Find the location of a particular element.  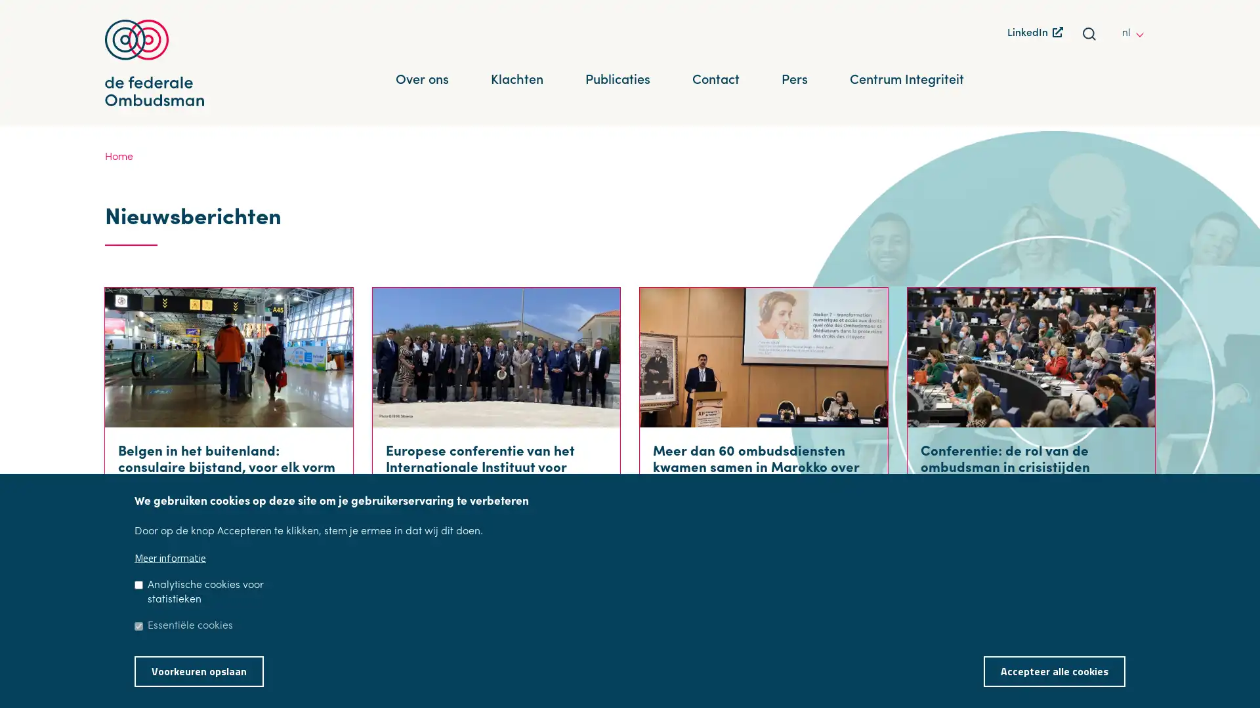

Voorkeuren opslaan is located at coordinates (198, 671).